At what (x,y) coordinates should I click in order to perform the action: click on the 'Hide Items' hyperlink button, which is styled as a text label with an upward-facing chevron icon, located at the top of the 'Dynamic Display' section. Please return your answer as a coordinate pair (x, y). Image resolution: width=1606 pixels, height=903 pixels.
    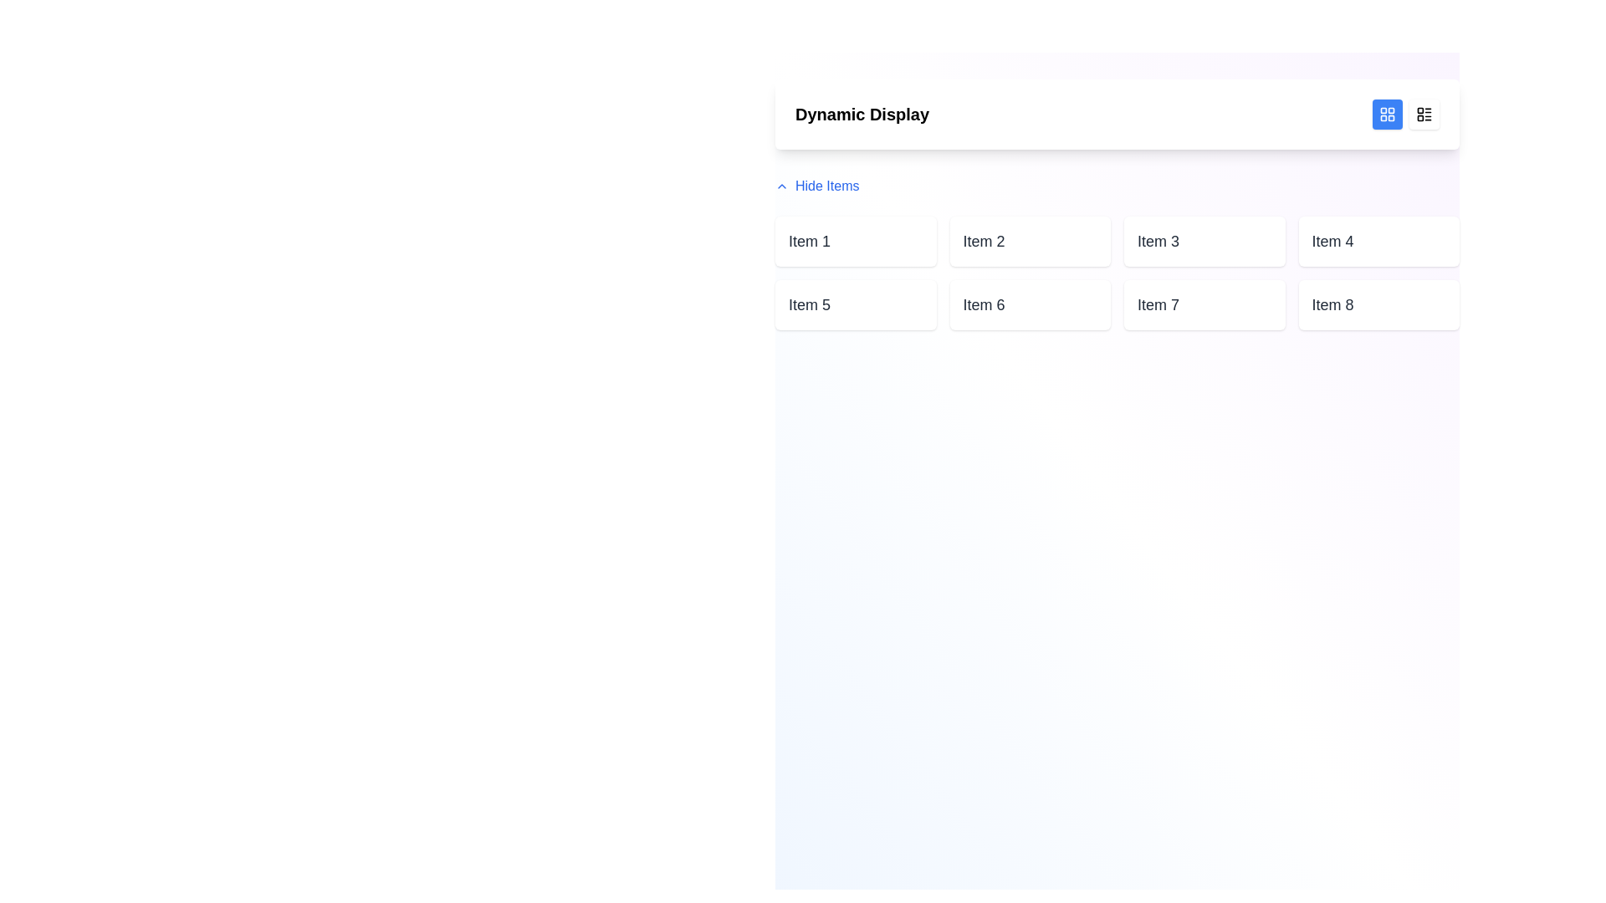
    Looking at the image, I should click on (817, 186).